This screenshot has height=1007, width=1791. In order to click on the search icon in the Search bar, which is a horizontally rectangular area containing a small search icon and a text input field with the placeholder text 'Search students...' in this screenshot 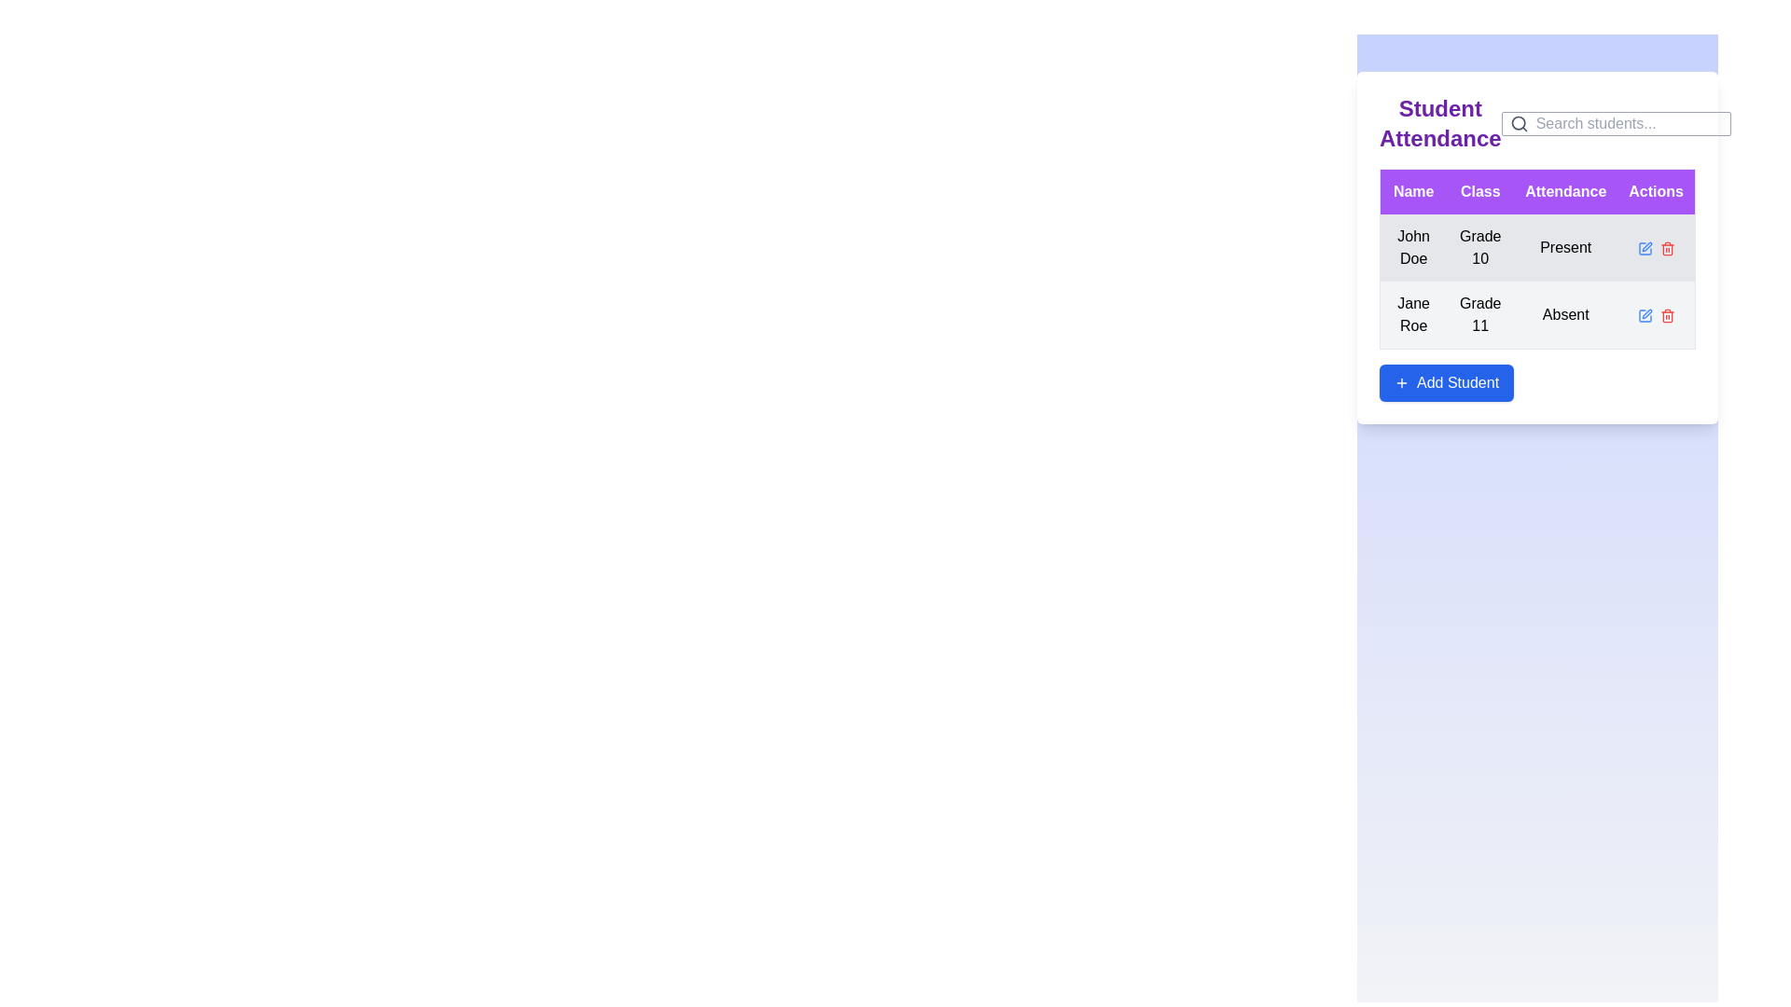, I will do `click(1615, 123)`.